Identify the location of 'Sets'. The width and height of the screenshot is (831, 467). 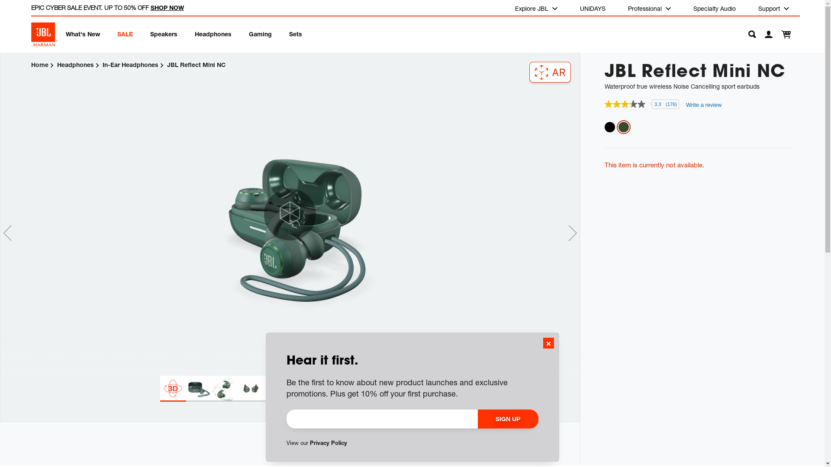
(289, 33).